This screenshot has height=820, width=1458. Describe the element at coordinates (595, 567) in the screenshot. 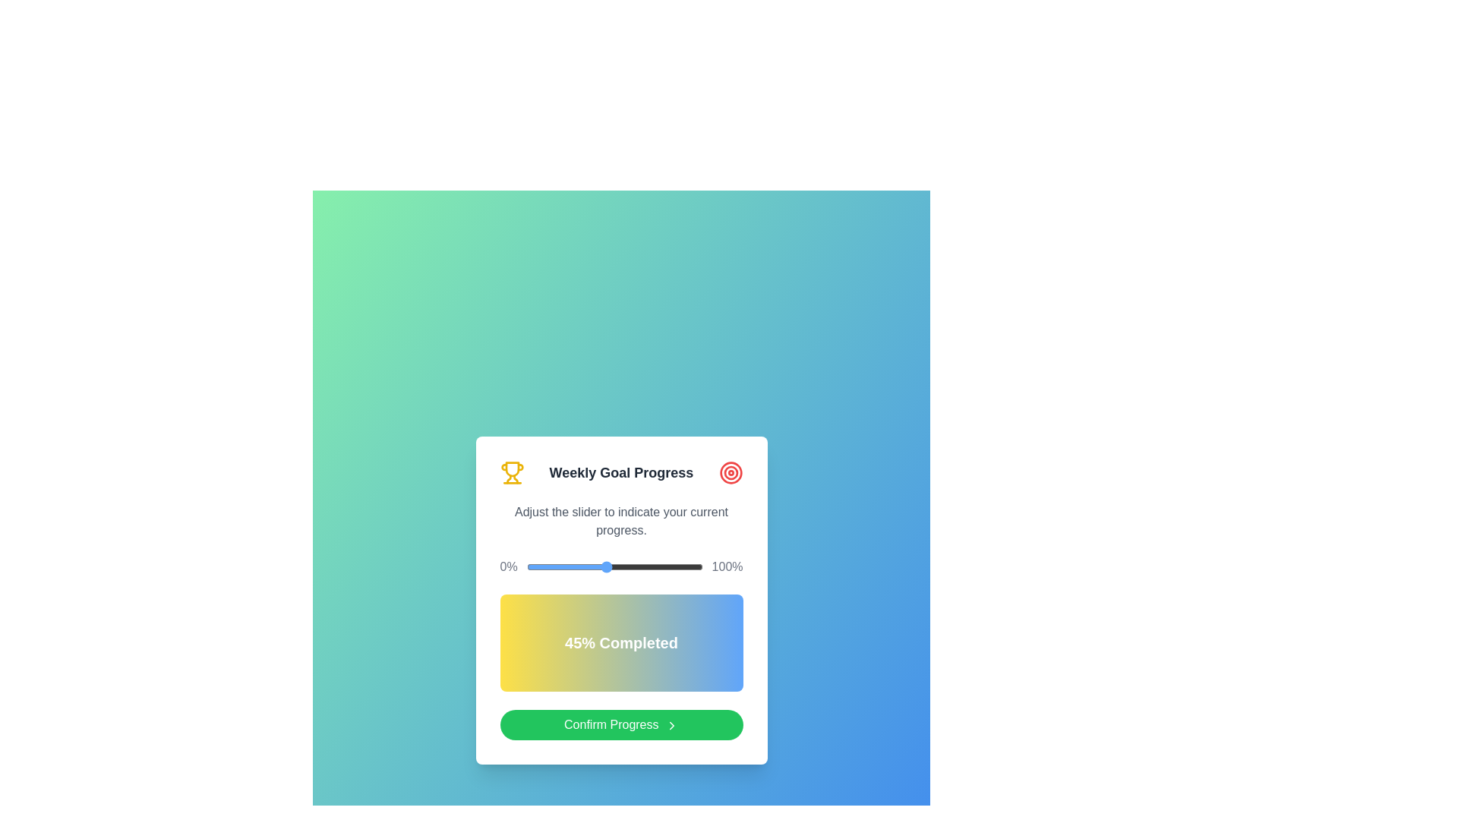

I see `the progress value to 39% by dragging the slider` at that location.